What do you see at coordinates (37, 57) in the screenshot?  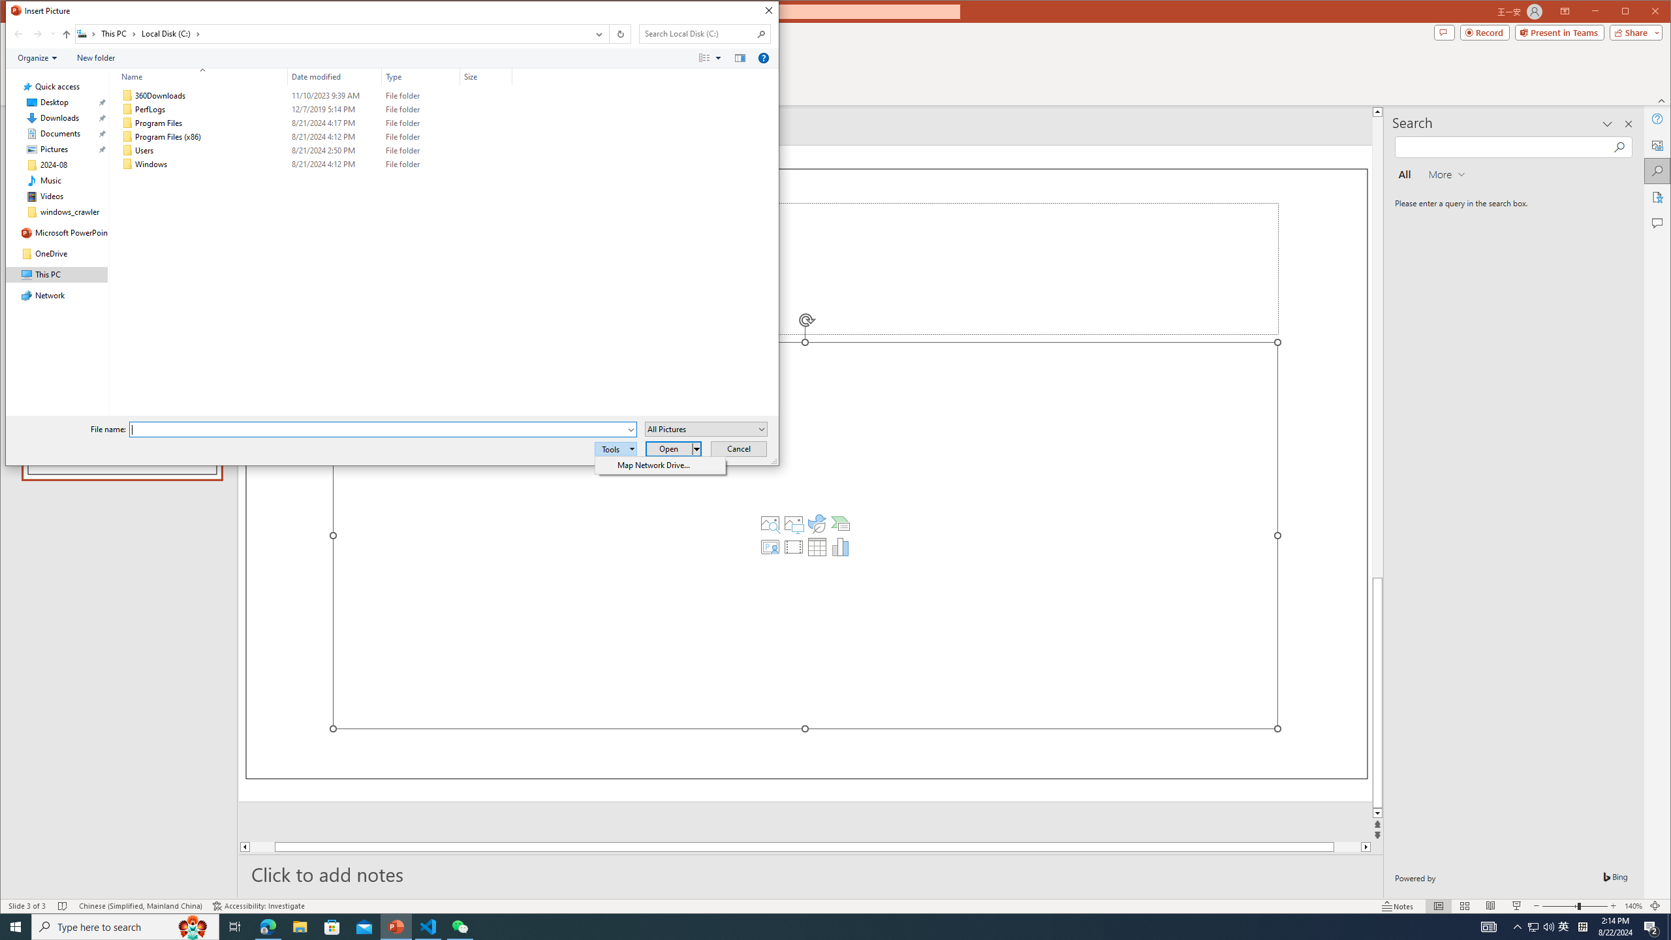 I see `'Organize'` at bounding box center [37, 57].